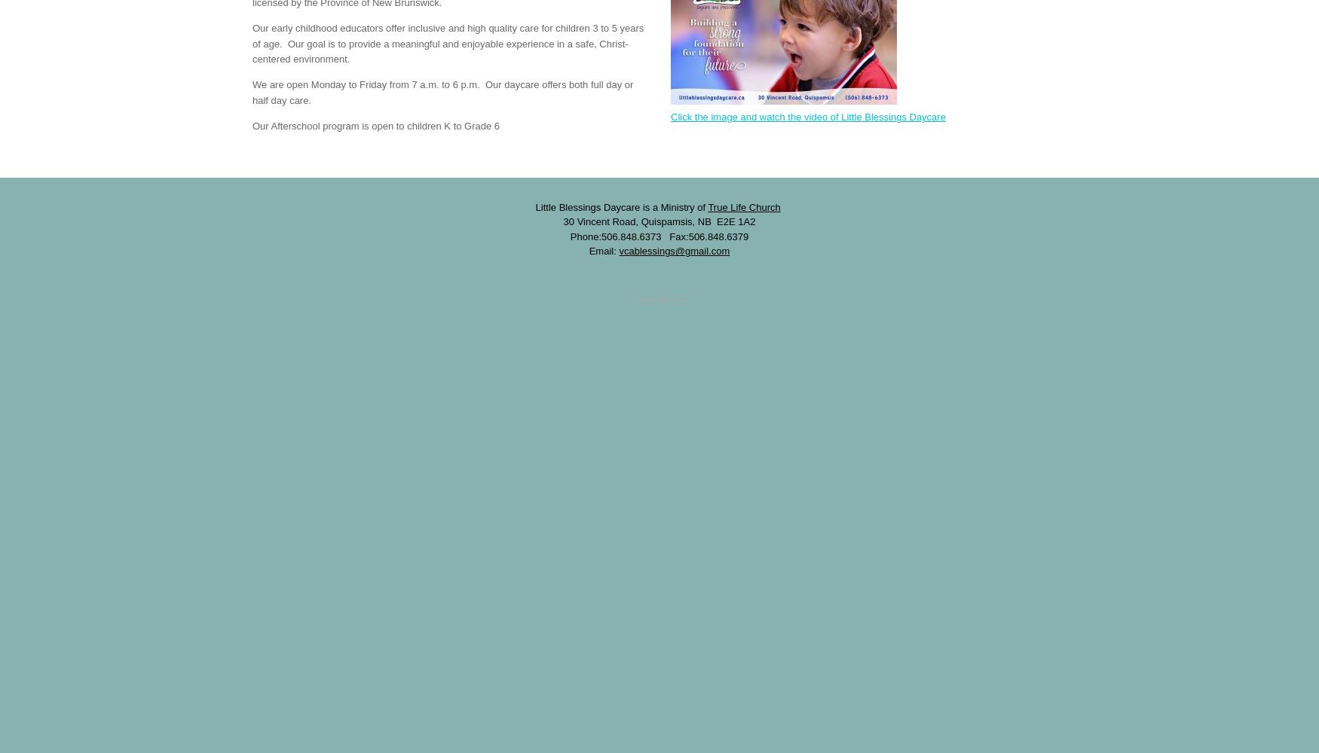  I want to click on 'Copyright 2022', so click(629, 299).